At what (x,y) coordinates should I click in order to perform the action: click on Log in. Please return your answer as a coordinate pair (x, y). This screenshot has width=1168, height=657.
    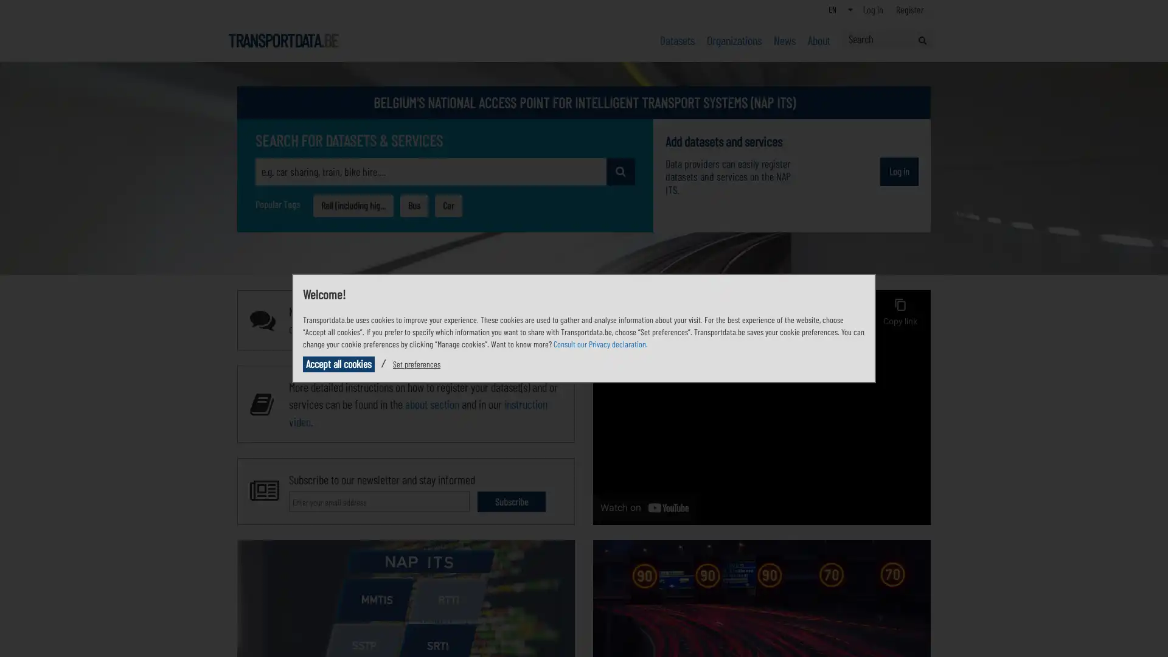
    Looking at the image, I should click on (899, 171).